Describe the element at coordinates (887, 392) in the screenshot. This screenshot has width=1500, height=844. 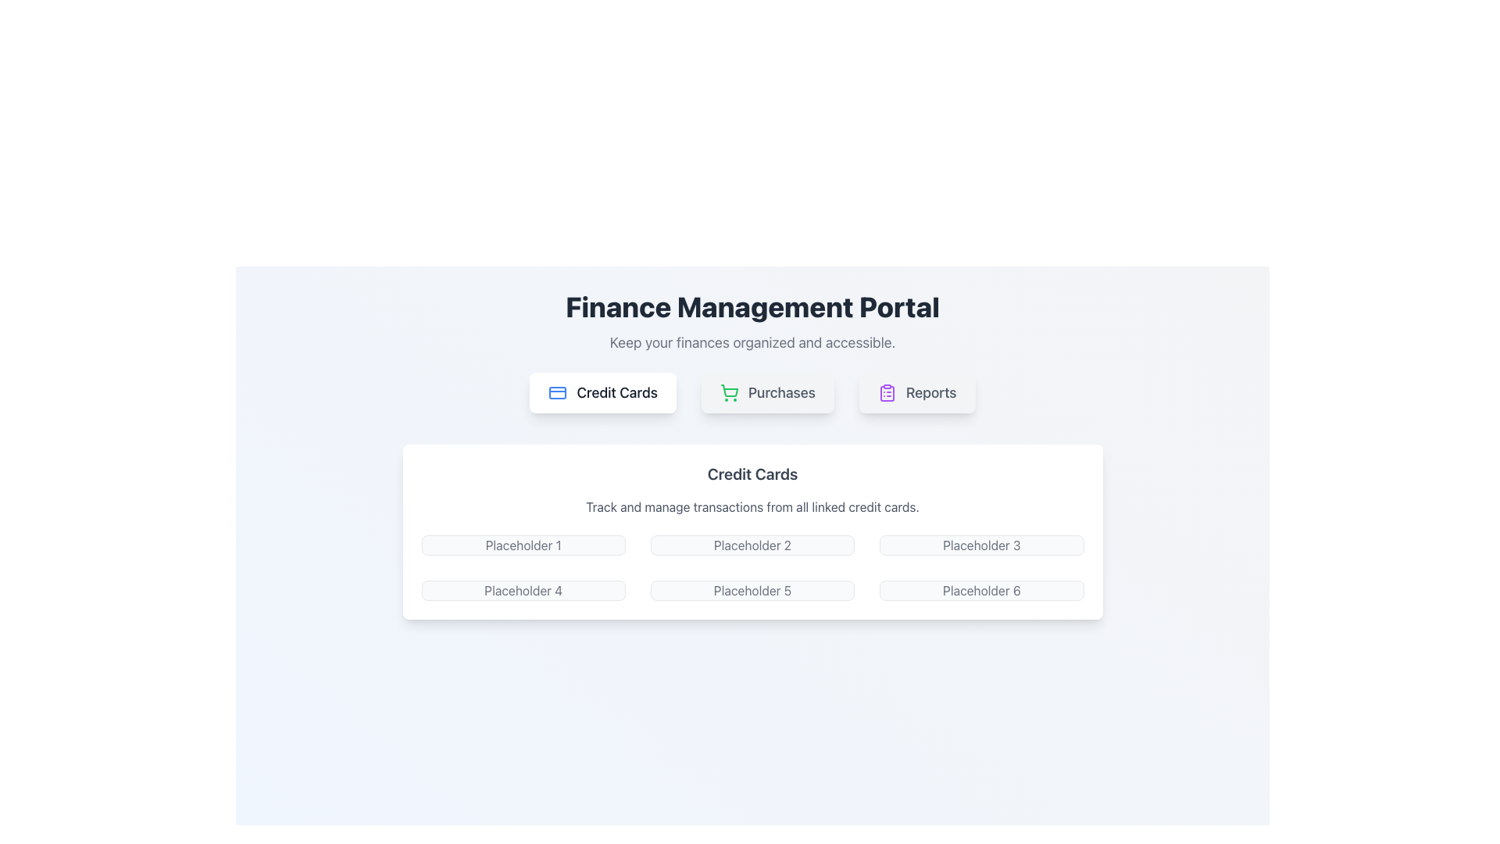
I see `the purple clipboard SVG icon located to the left of the 'Reports' text label in the Finance Management Portal` at that location.